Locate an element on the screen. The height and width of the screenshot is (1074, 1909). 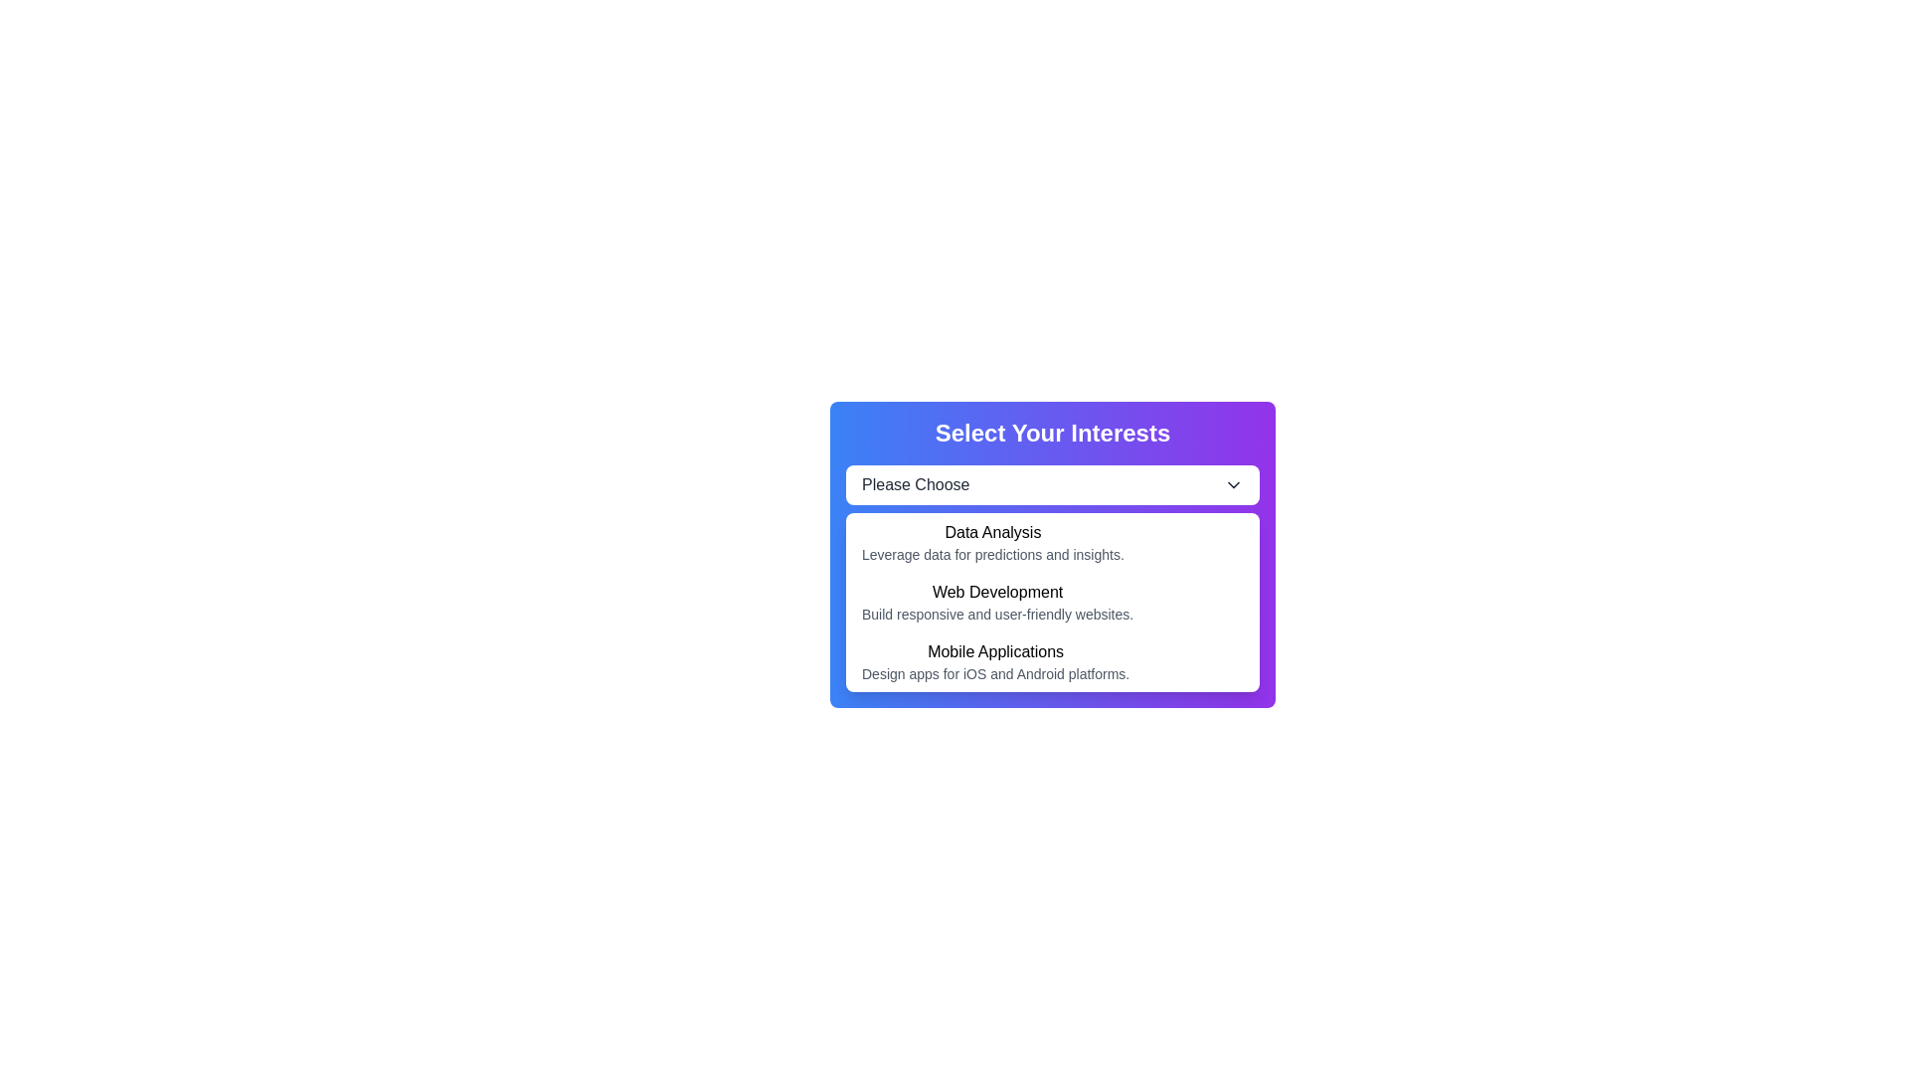
one of the selectable options in the Menu or Options List located below the title 'Select Your Interests' and the dropdown labeled 'Please Choose' is located at coordinates (1052, 601).